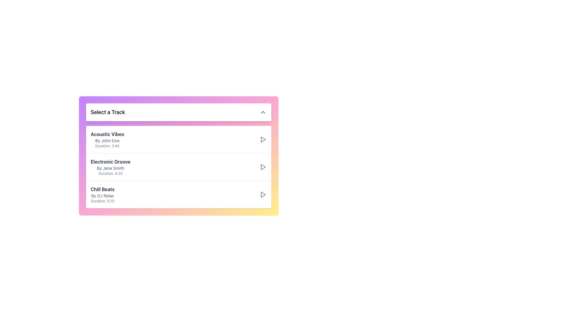 This screenshot has height=320, width=570. Describe the element at coordinates (262, 194) in the screenshot. I see `the playback button for the track 'Chill Beats'` at that location.